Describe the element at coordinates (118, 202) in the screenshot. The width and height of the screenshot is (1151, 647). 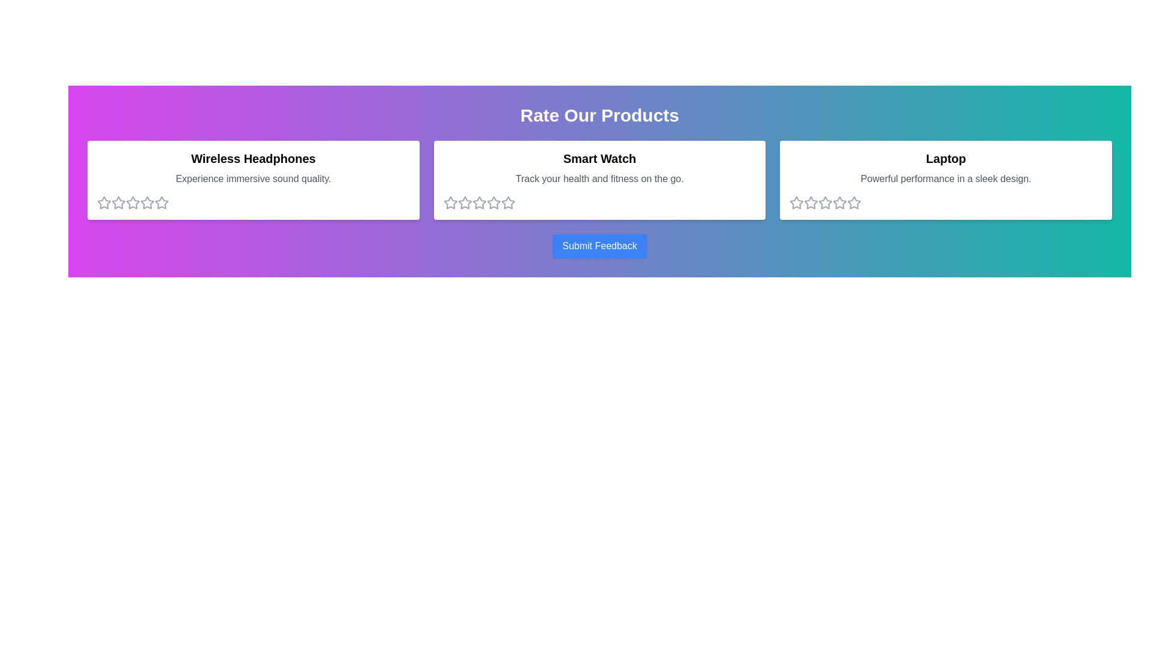
I see `the 2 star for the product Wireless Headphones to set its rating` at that location.